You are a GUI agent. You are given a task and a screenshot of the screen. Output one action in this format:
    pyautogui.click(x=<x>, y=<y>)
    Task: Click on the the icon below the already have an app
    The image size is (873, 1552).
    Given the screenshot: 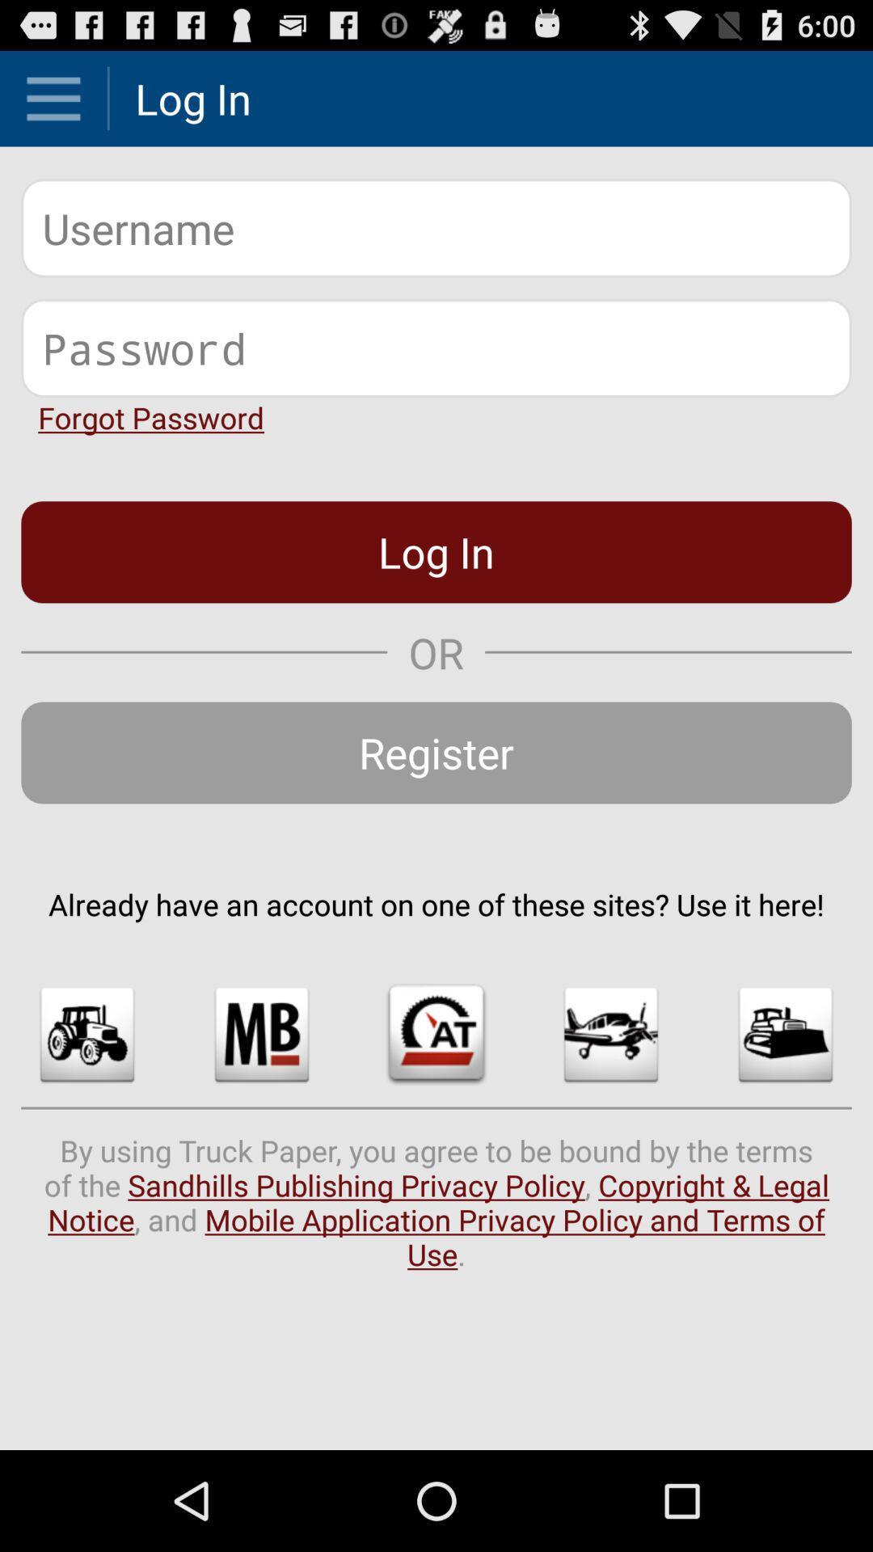 What is the action you would take?
    pyautogui.click(x=785, y=1035)
    